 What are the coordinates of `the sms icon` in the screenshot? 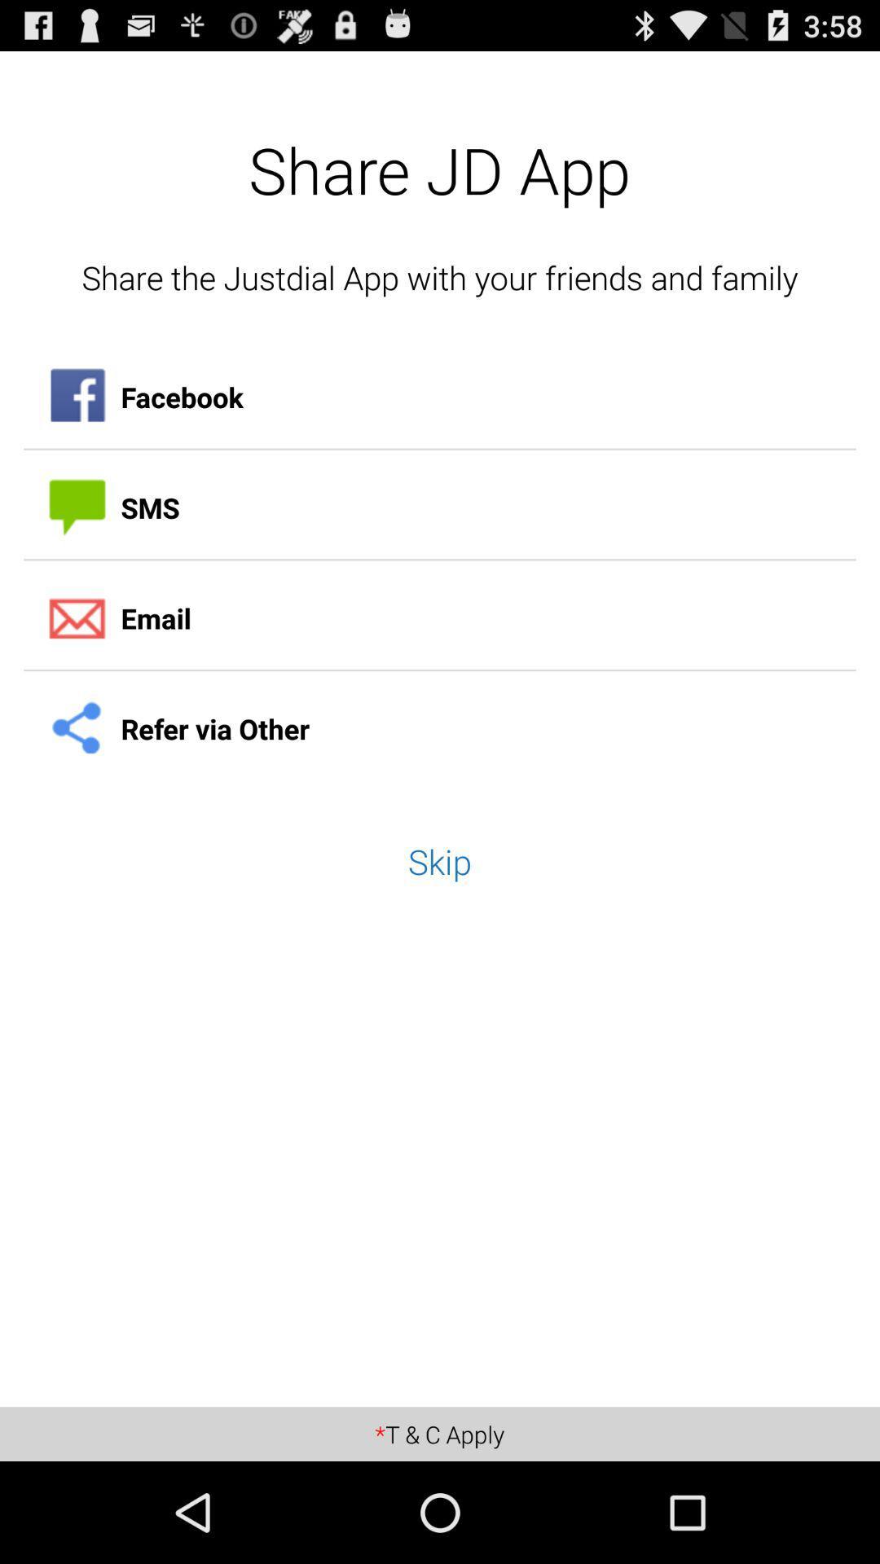 It's located at (440, 507).